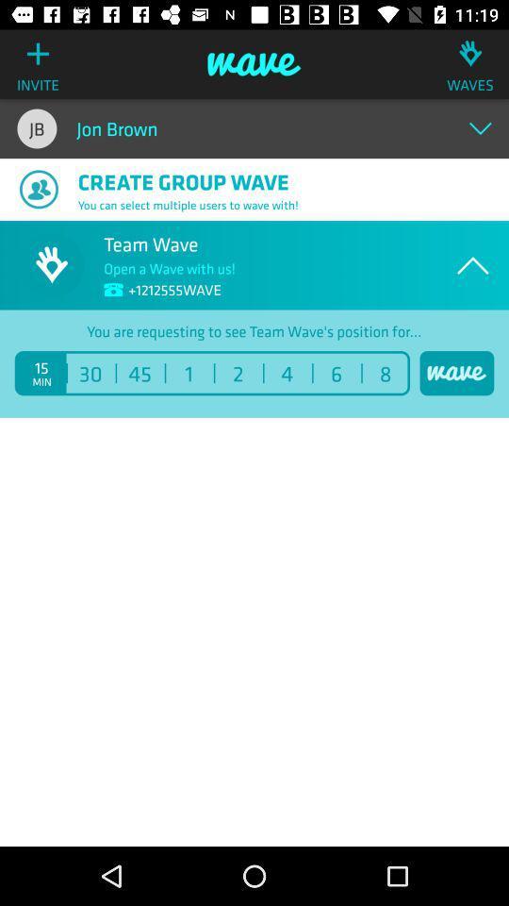 Image resolution: width=509 pixels, height=906 pixels. What do you see at coordinates (254, 64) in the screenshot?
I see `icon next to the waves` at bounding box center [254, 64].